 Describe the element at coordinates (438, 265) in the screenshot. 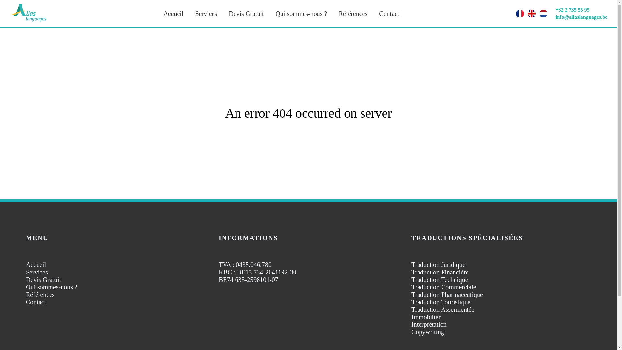

I see `'Traduction Juridique'` at that location.